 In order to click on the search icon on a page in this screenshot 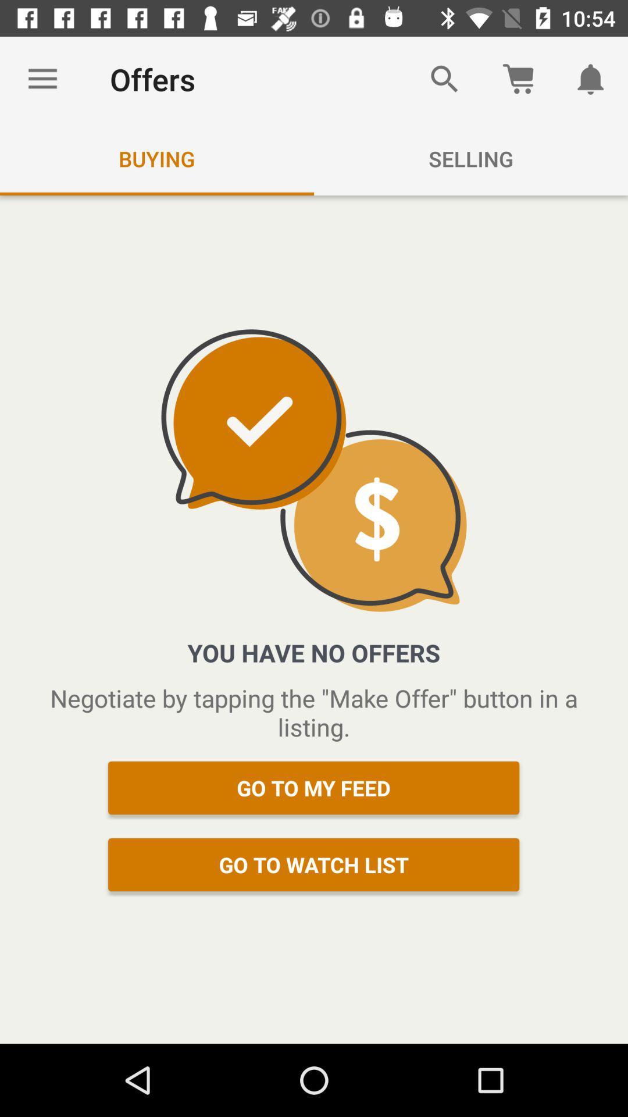, I will do `click(444, 79)`.